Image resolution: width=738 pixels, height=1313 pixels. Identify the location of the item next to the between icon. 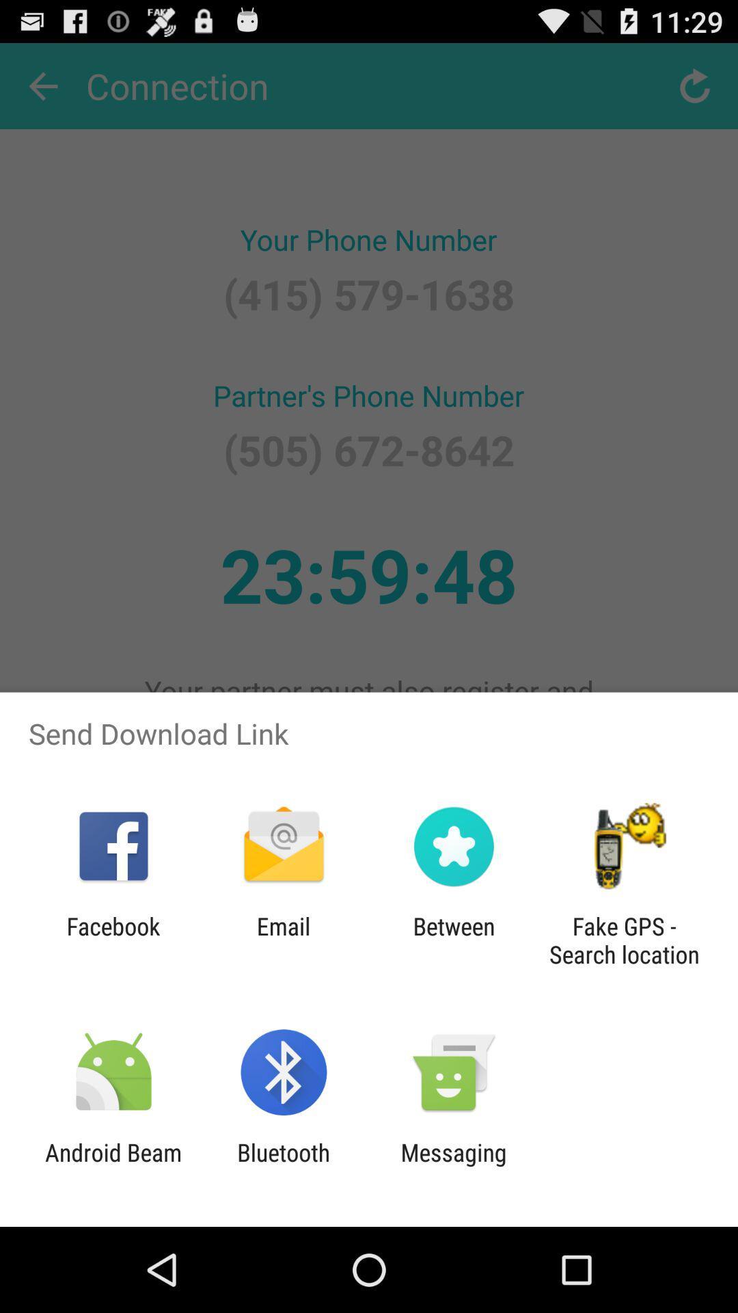
(624, 940).